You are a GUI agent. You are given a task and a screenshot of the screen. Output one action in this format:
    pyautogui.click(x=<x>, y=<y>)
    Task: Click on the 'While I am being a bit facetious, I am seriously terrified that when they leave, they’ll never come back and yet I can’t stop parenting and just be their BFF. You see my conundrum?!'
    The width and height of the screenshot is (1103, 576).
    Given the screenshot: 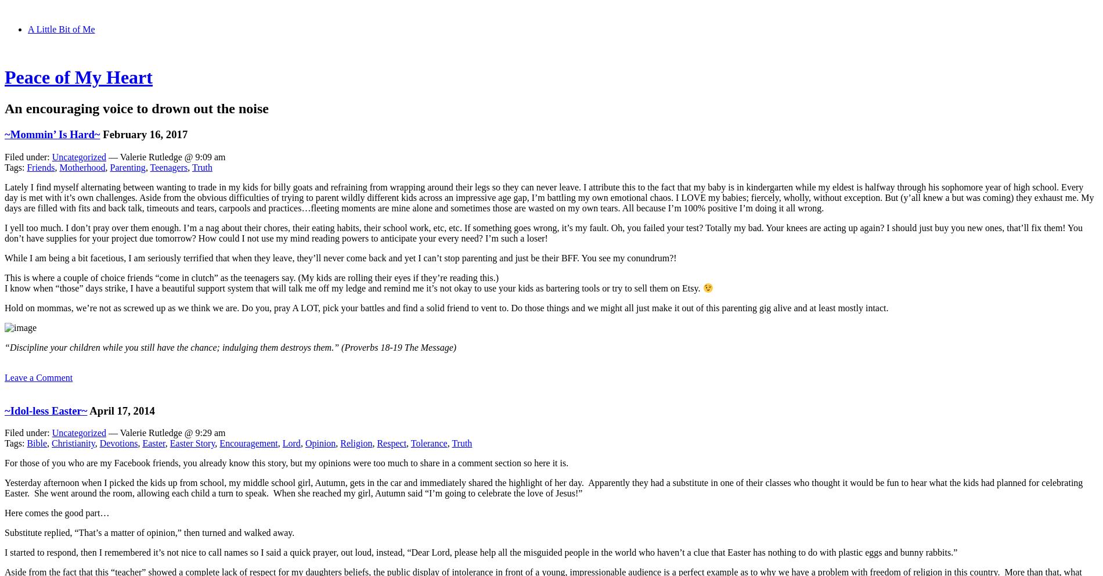 What is the action you would take?
    pyautogui.click(x=340, y=257)
    